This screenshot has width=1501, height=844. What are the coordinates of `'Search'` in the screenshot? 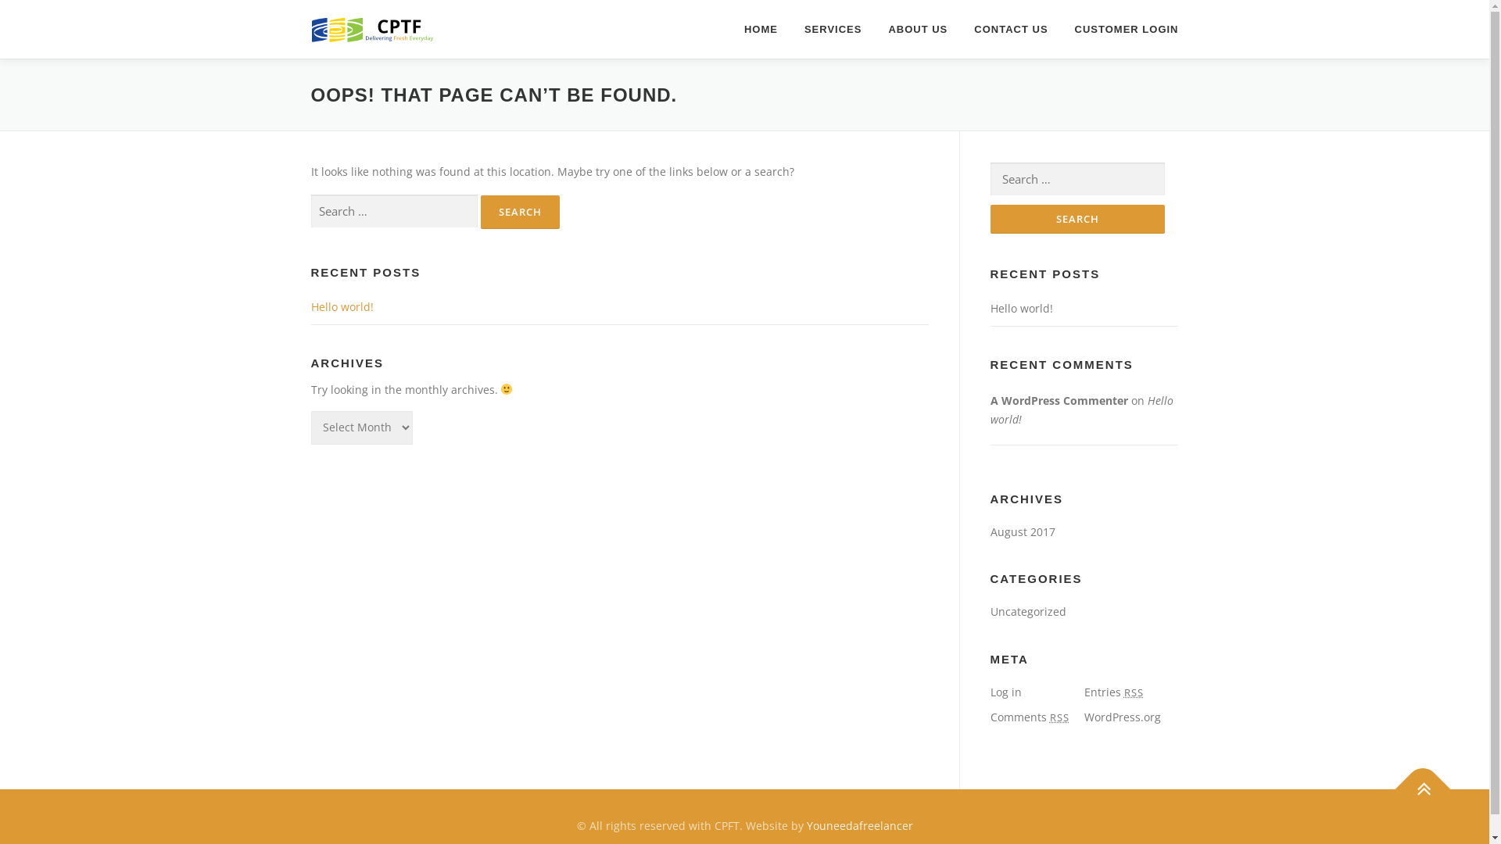 It's located at (1076, 219).